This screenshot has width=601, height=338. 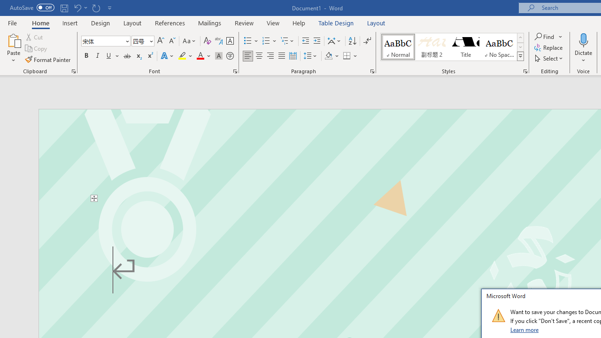 I want to click on 'Undo Text Fill Effect', so click(x=77, y=8).